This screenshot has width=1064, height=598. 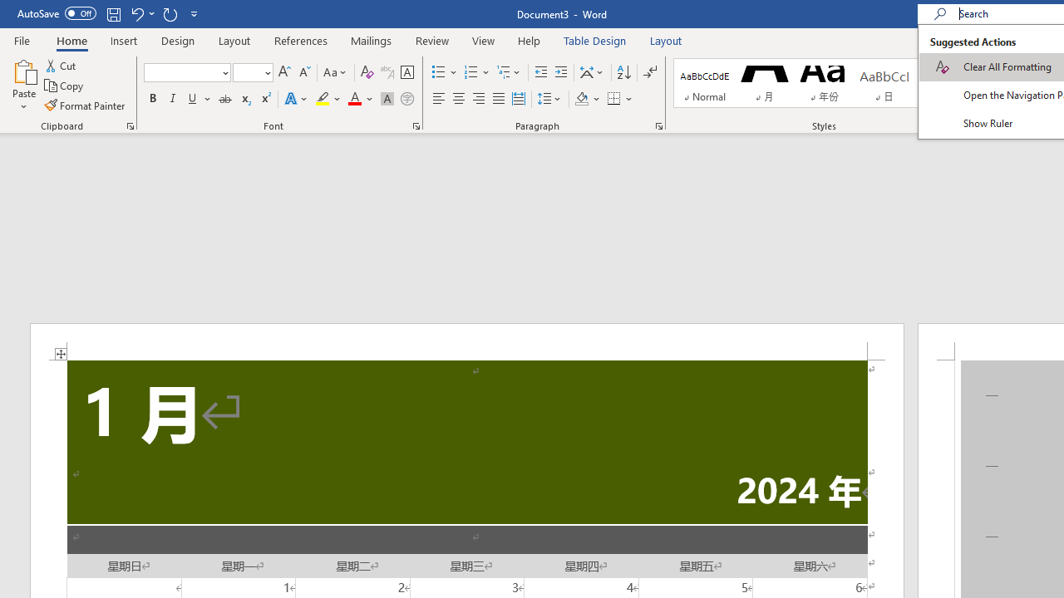 What do you see at coordinates (406, 99) in the screenshot?
I see `'Enclose Characters...'` at bounding box center [406, 99].